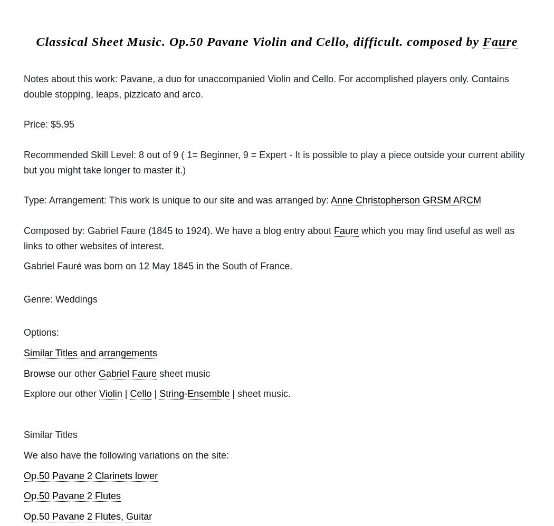 The height and width of the screenshot is (526, 554). I want to click on 'Price:', so click(36, 124).